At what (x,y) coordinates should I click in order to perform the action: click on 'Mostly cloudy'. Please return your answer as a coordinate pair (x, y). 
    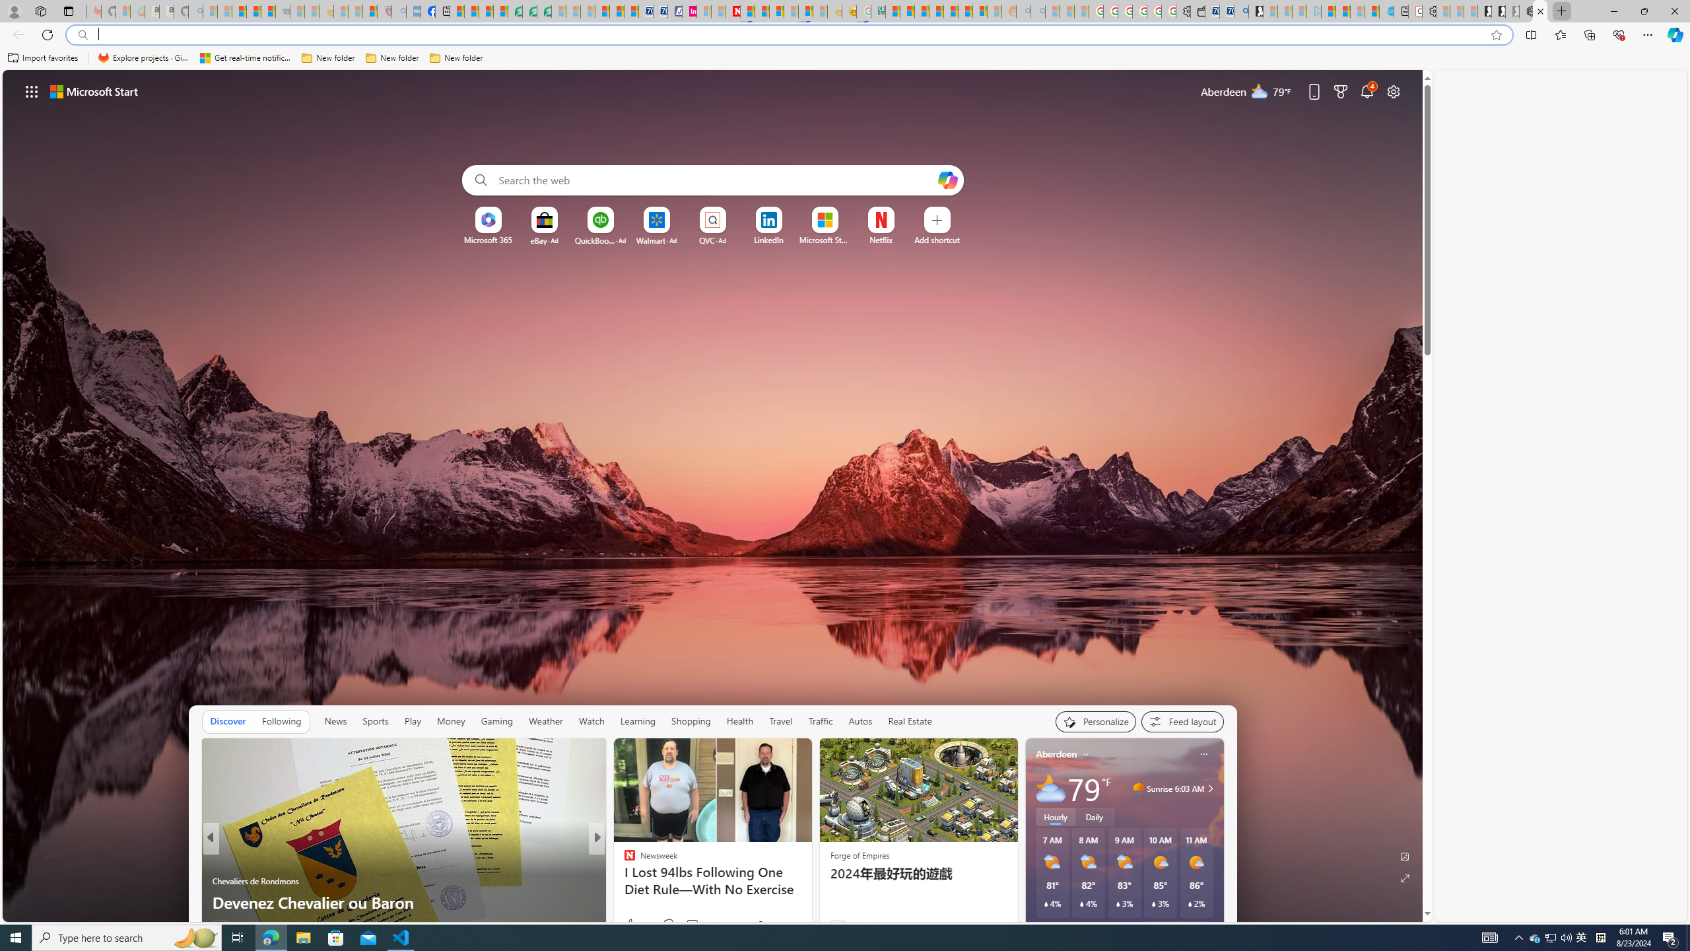
    Looking at the image, I should click on (1050, 787).